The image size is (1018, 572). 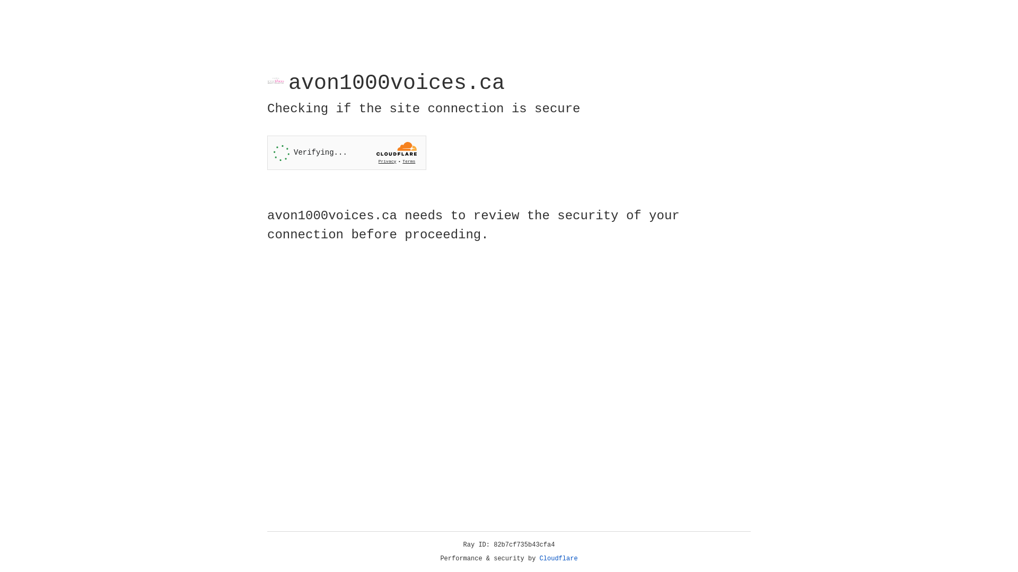 What do you see at coordinates (539, 558) in the screenshot?
I see `'Cloudflare'` at bounding box center [539, 558].